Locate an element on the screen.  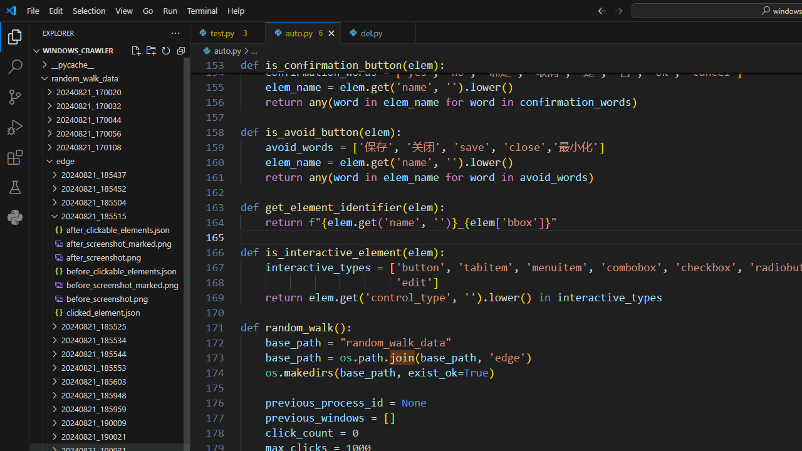
'Source Control (Ctrl+Shift+G)' is located at coordinates (15, 96).